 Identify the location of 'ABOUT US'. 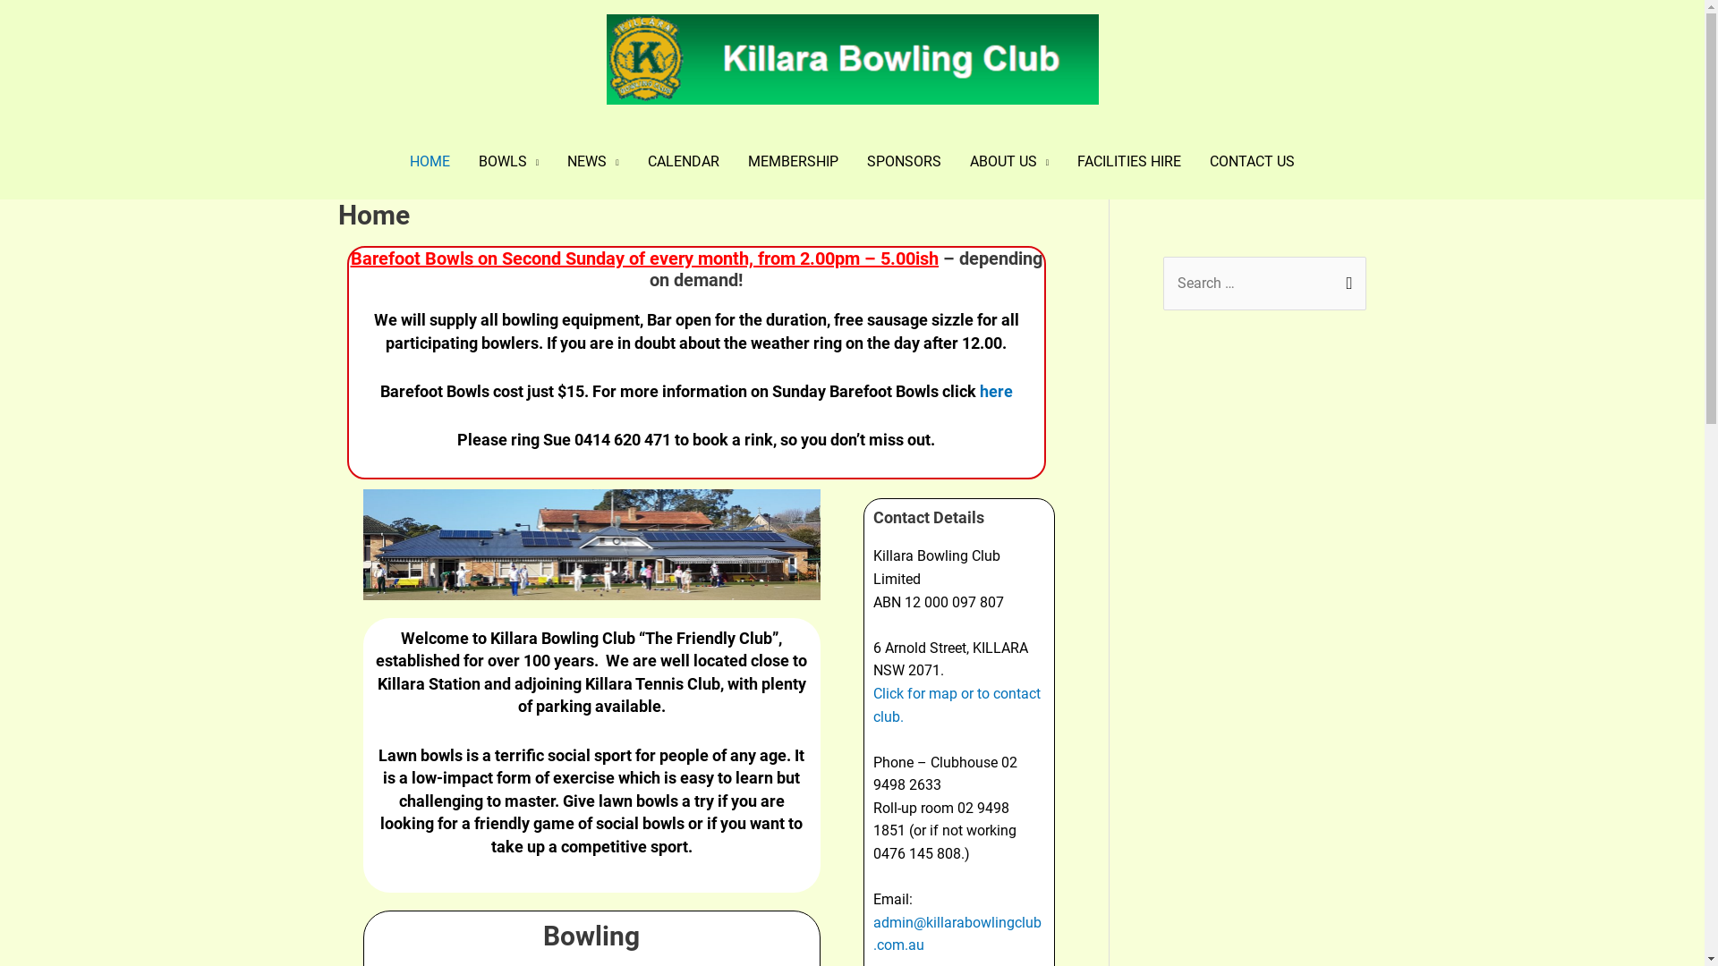
(1009, 162).